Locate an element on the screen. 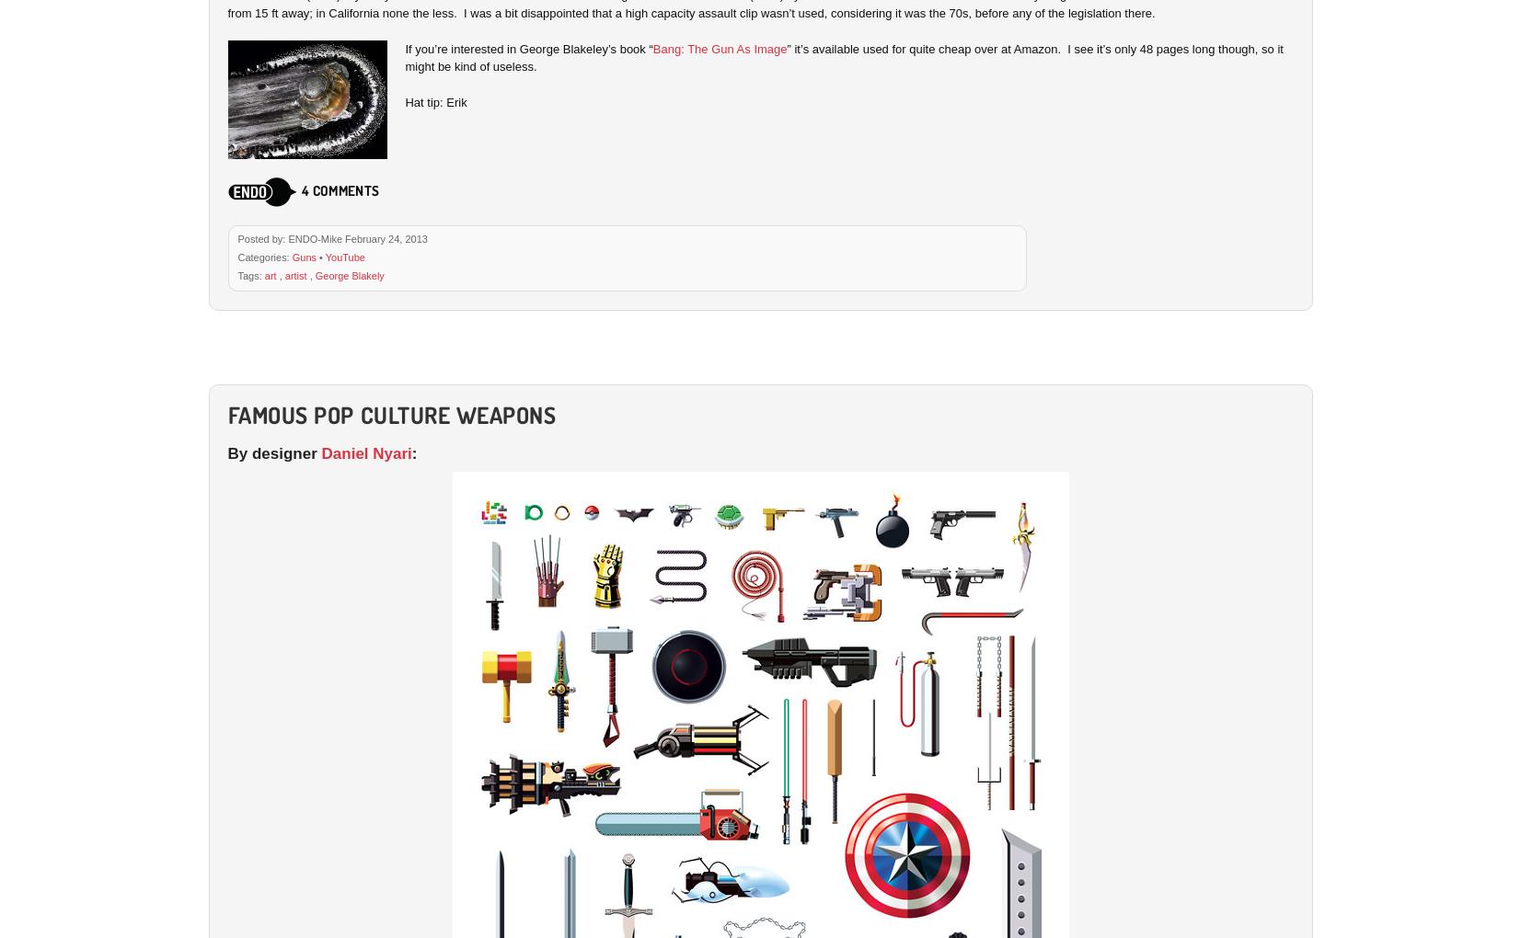 Image resolution: width=1521 pixels, height=938 pixels. 'Tags:' is located at coordinates (249, 275).